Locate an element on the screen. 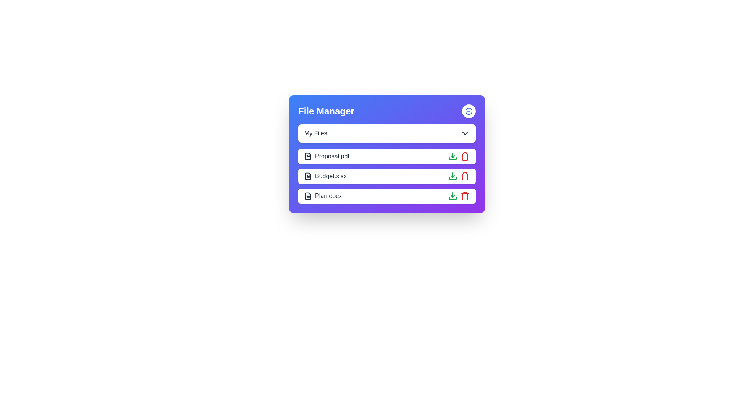 The width and height of the screenshot is (735, 413). the trash can icon, which is a vertical rectangle with rounded corners is located at coordinates (464, 157).